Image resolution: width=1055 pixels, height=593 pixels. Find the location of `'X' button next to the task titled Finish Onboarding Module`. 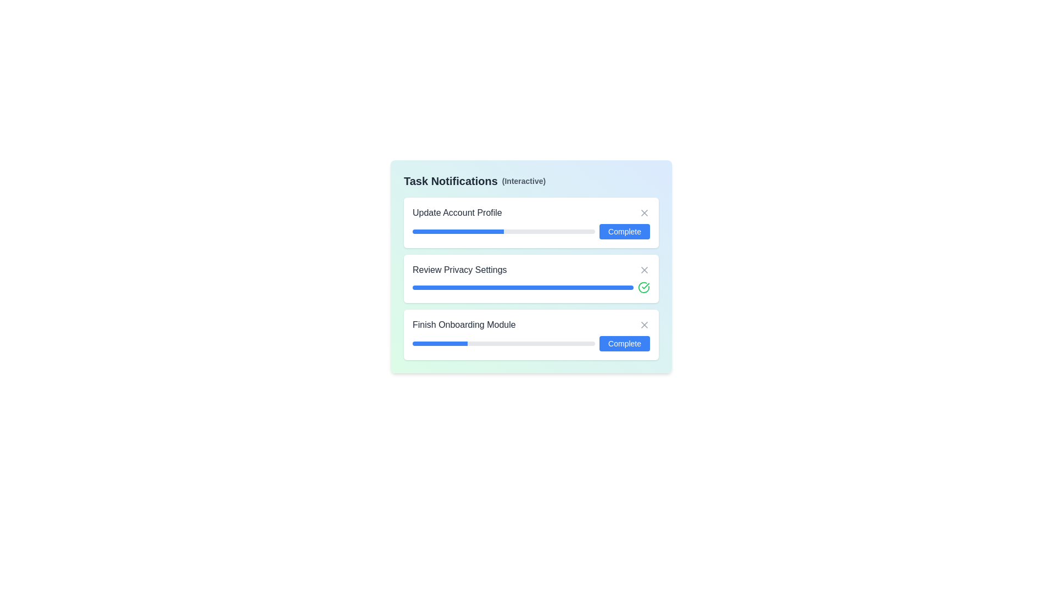

'X' button next to the task titled Finish Onboarding Module is located at coordinates (644, 324).